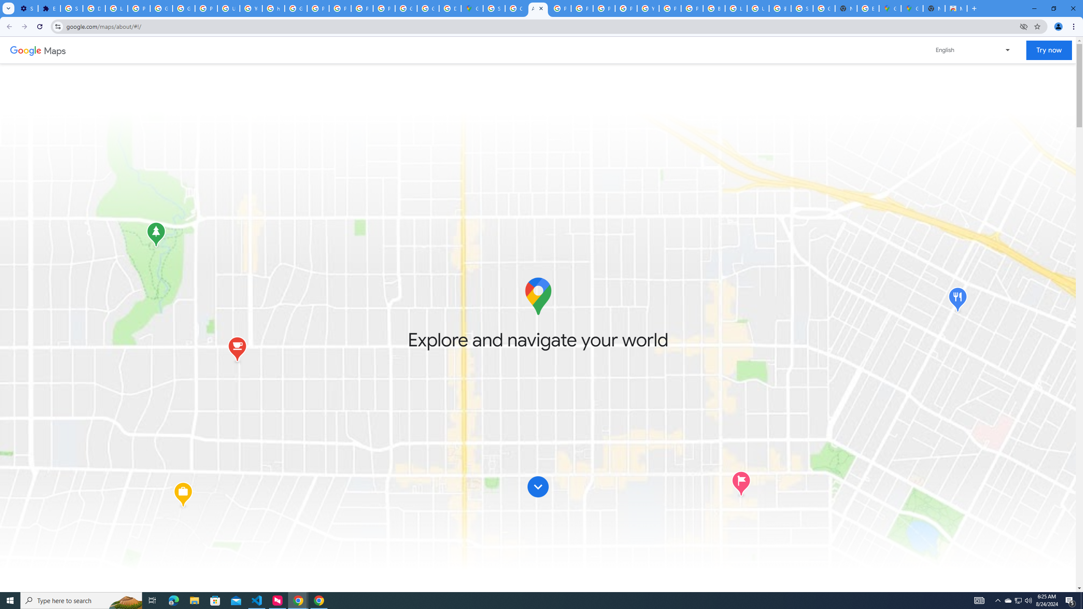  I want to click on 'New Tab', so click(934, 8).